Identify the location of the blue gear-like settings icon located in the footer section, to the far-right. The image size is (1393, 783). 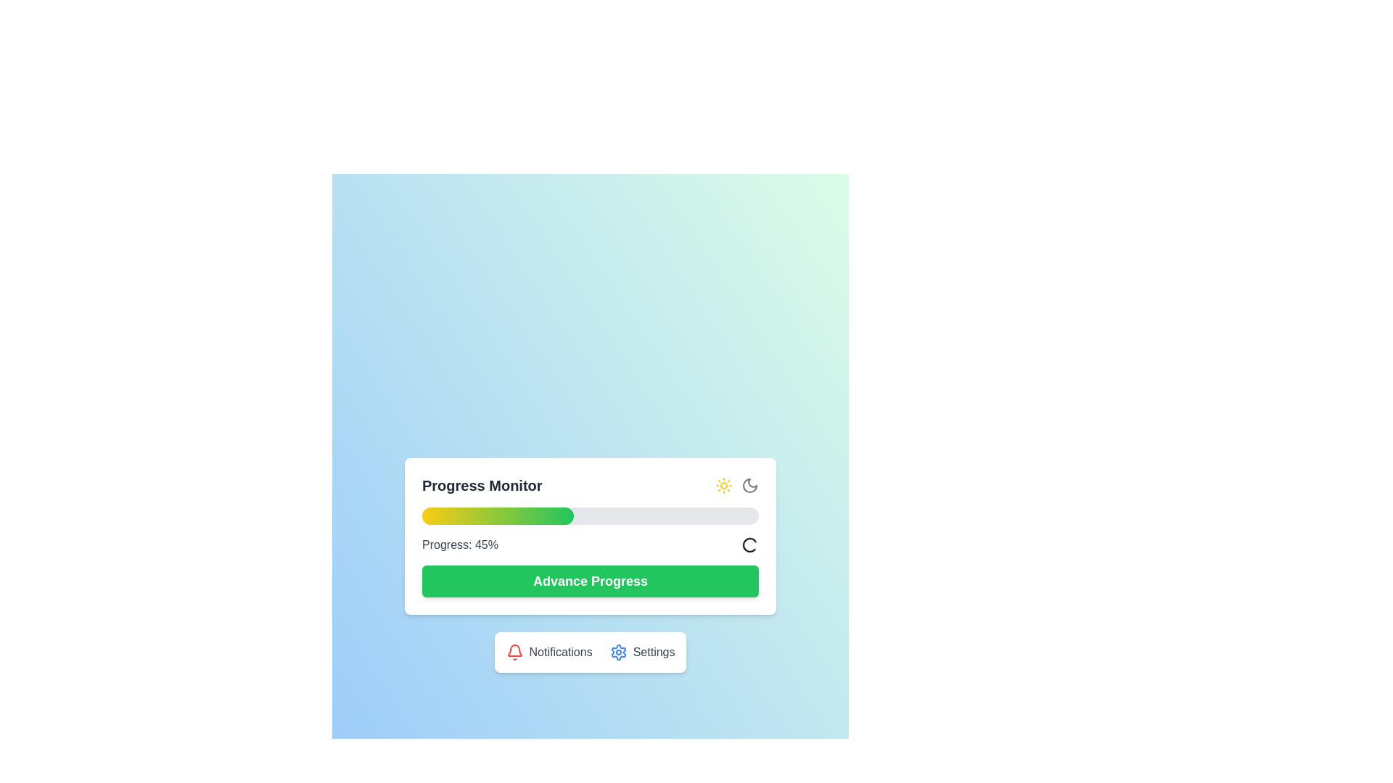
(618, 651).